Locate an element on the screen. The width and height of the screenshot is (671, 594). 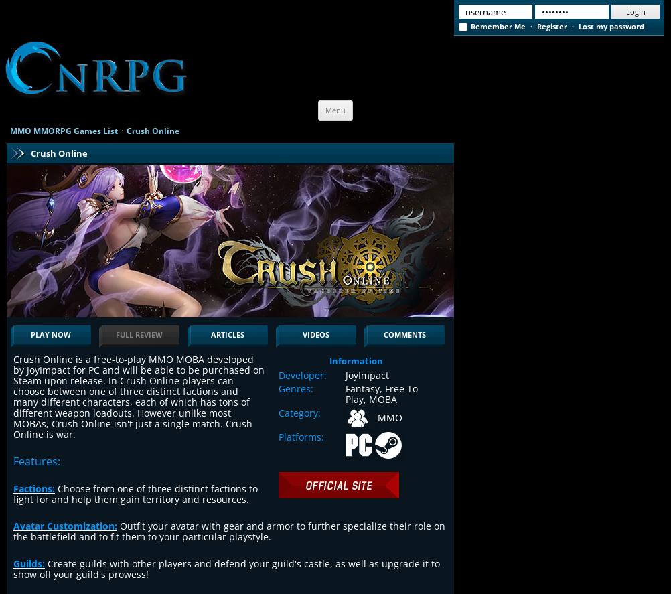
'Factions:' is located at coordinates (34, 488).